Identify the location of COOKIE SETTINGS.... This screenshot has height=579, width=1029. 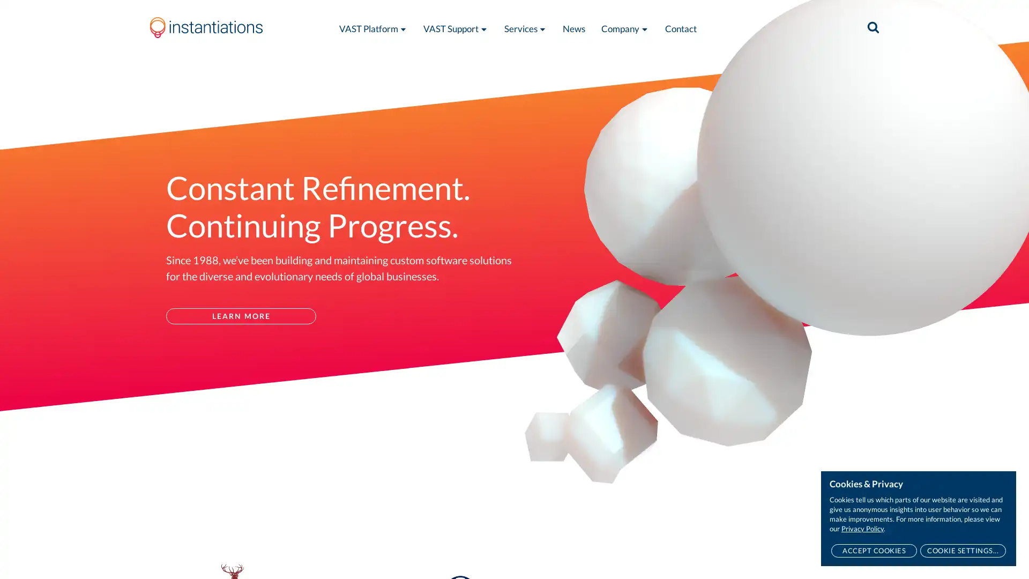
(963, 551).